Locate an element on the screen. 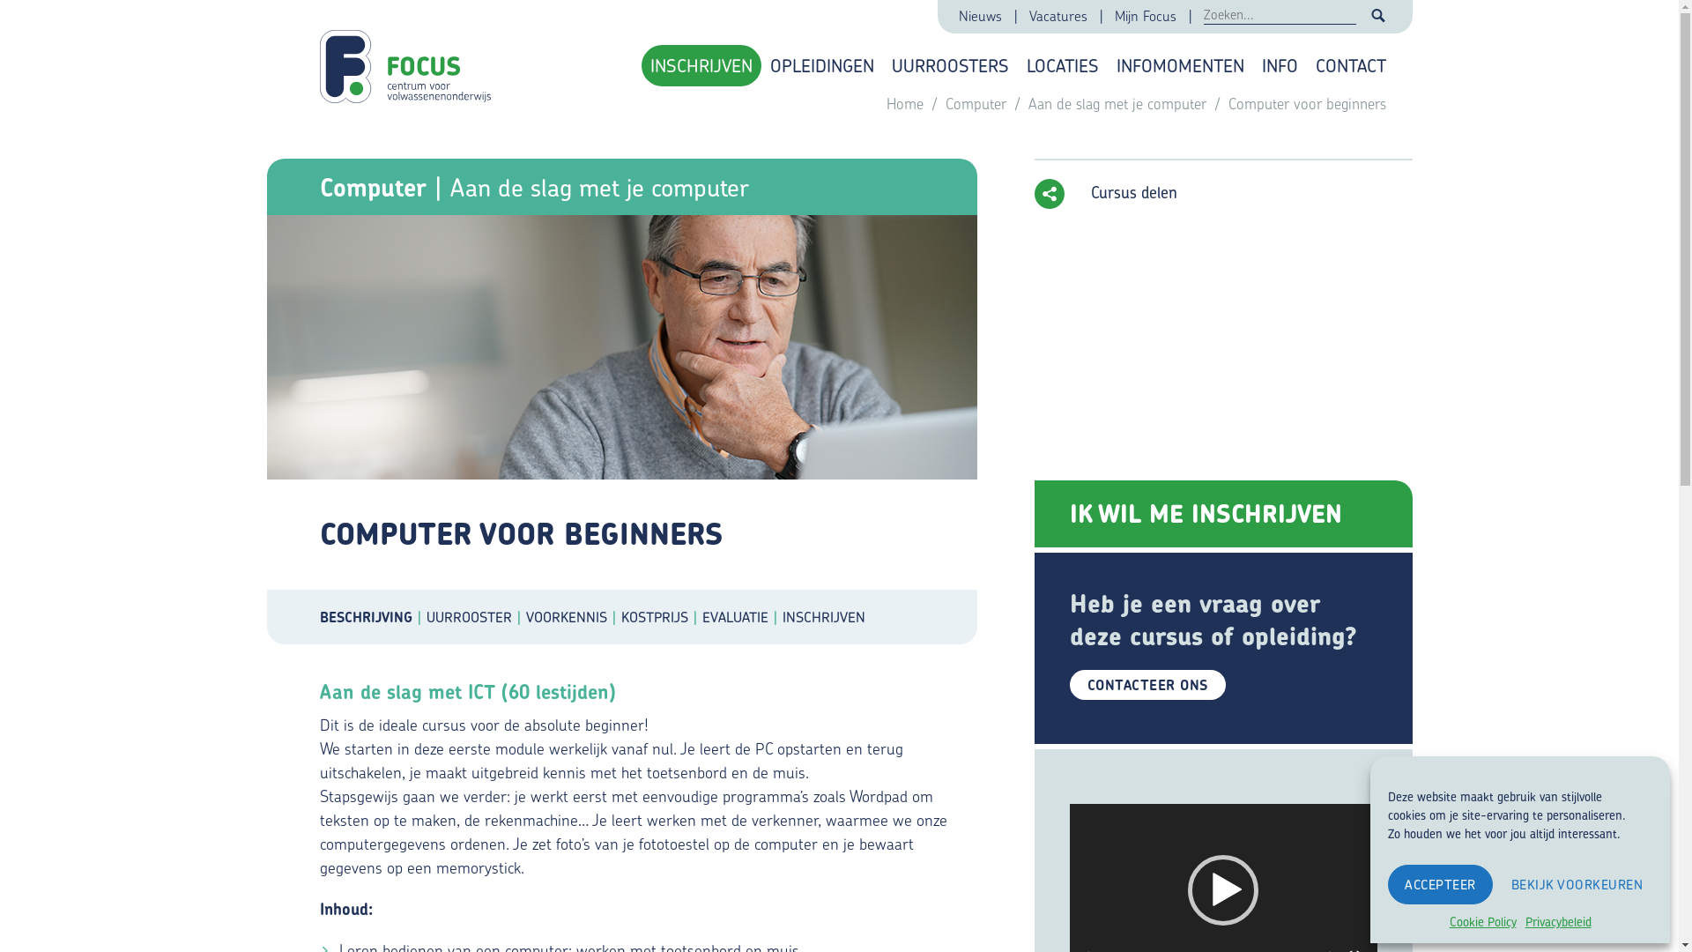 Image resolution: width=1692 pixels, height=952 pixels. 'Nieuws' is located at coordinates (980, 17).